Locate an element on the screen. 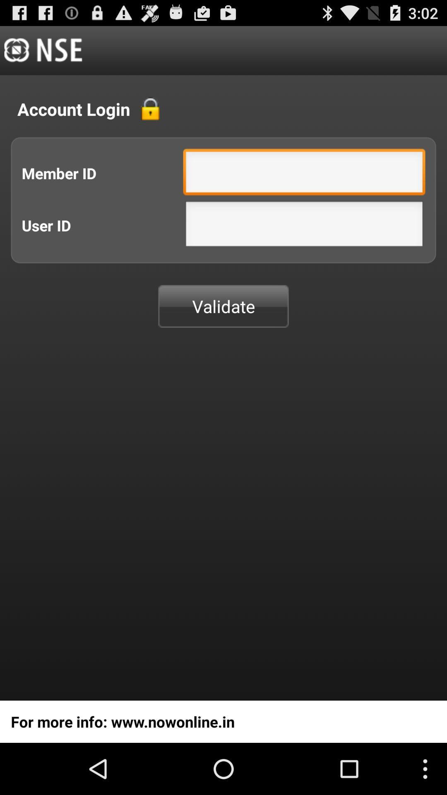 Image resolution: width=447 pixels, height=795 pixels. validate button is located at coordinates (223, 306).